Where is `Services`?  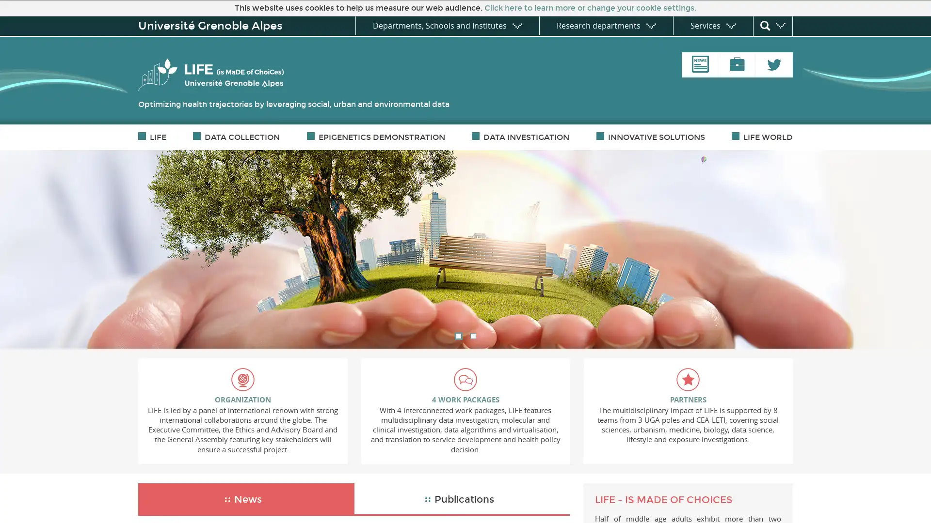 Services is located at coordinates (713, 25).